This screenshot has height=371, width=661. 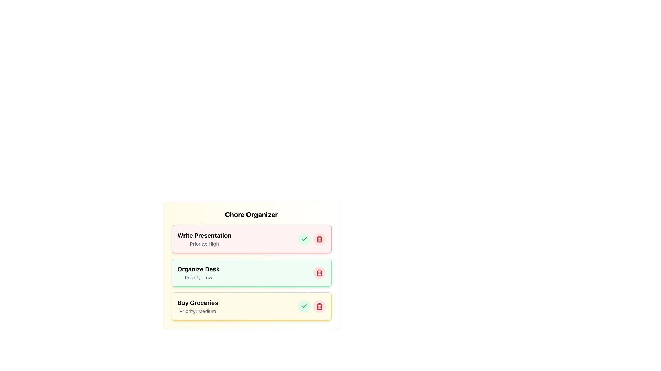 I want to click on the text label displaying 'Priority: Low' within the task card titled 'Organize Desk', which is styled in gray and positioned near the bottom center of the card, so click(x=198, y=277).